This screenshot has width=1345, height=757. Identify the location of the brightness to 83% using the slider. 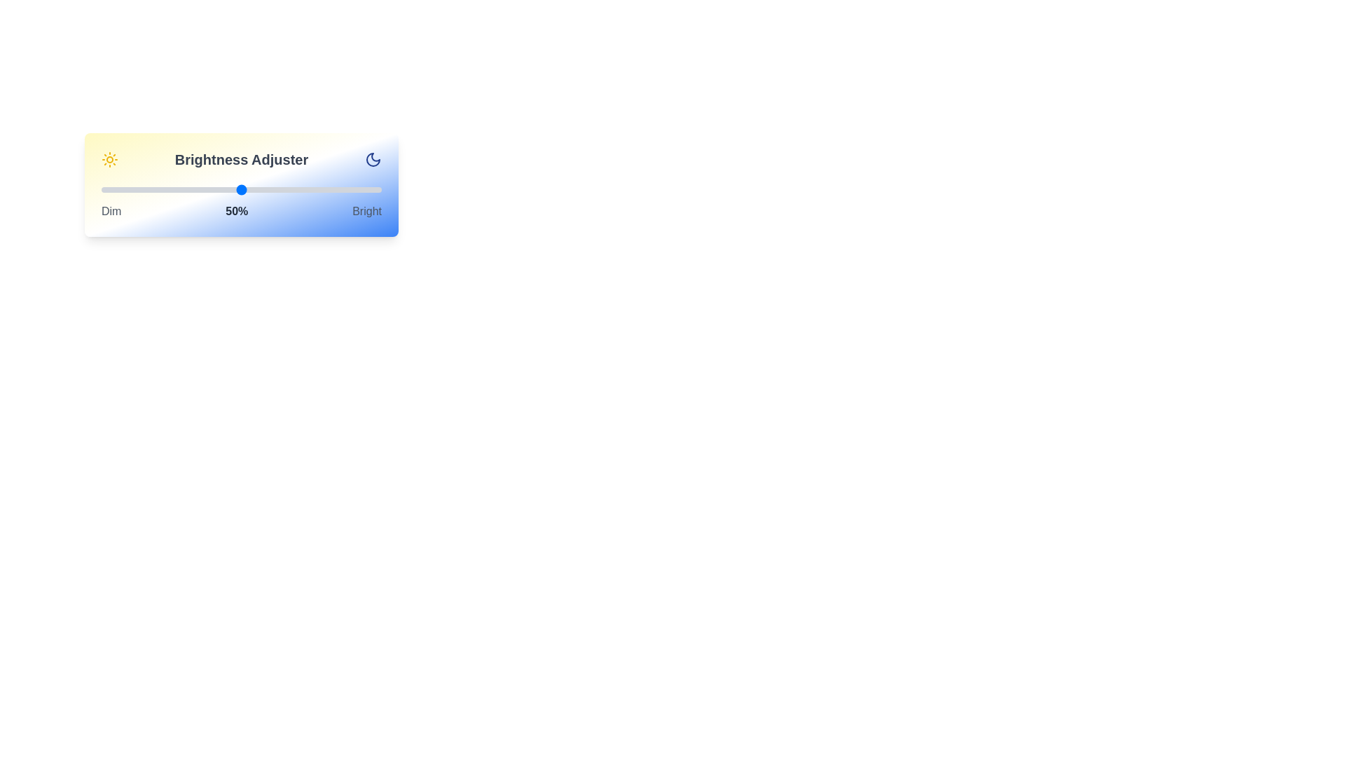
(333, 189).